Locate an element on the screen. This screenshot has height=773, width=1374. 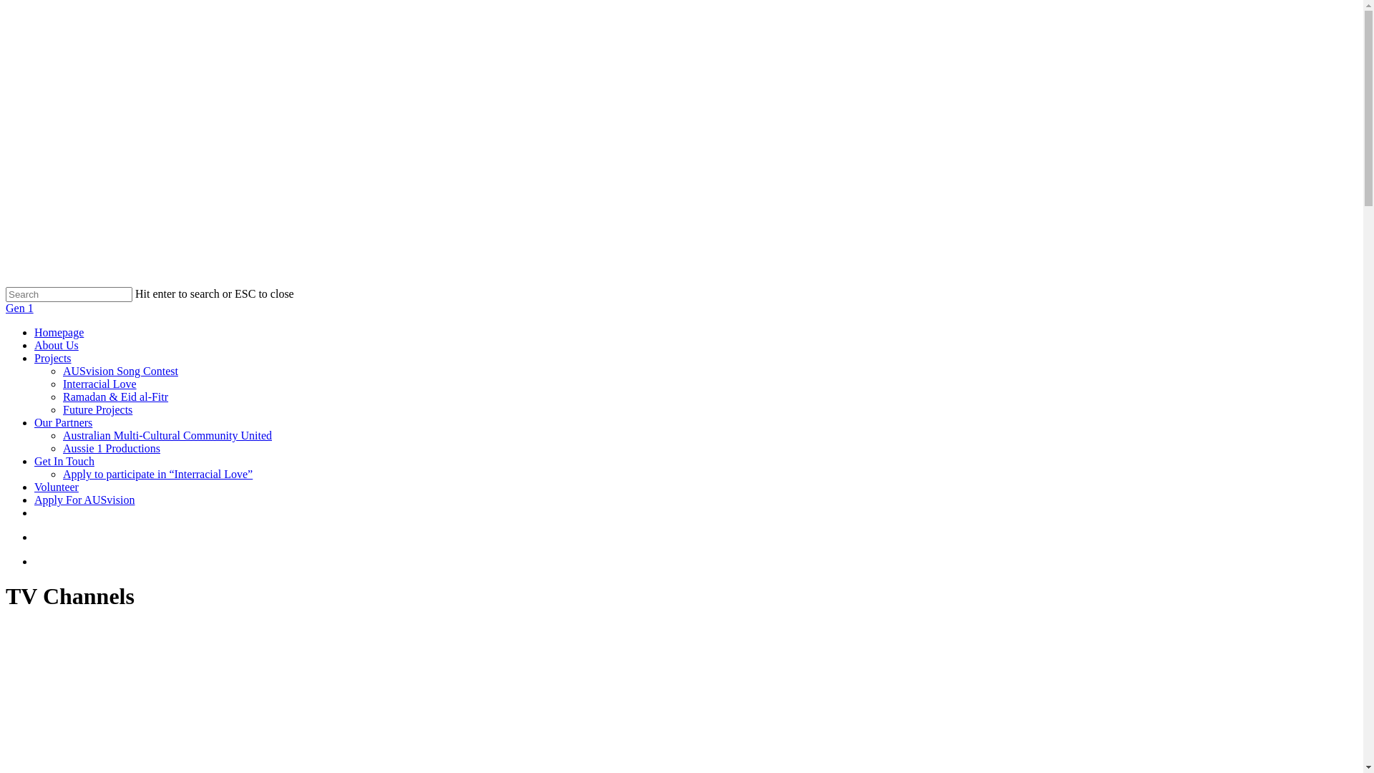
'Homepage' is located at coordinates (58, 332).